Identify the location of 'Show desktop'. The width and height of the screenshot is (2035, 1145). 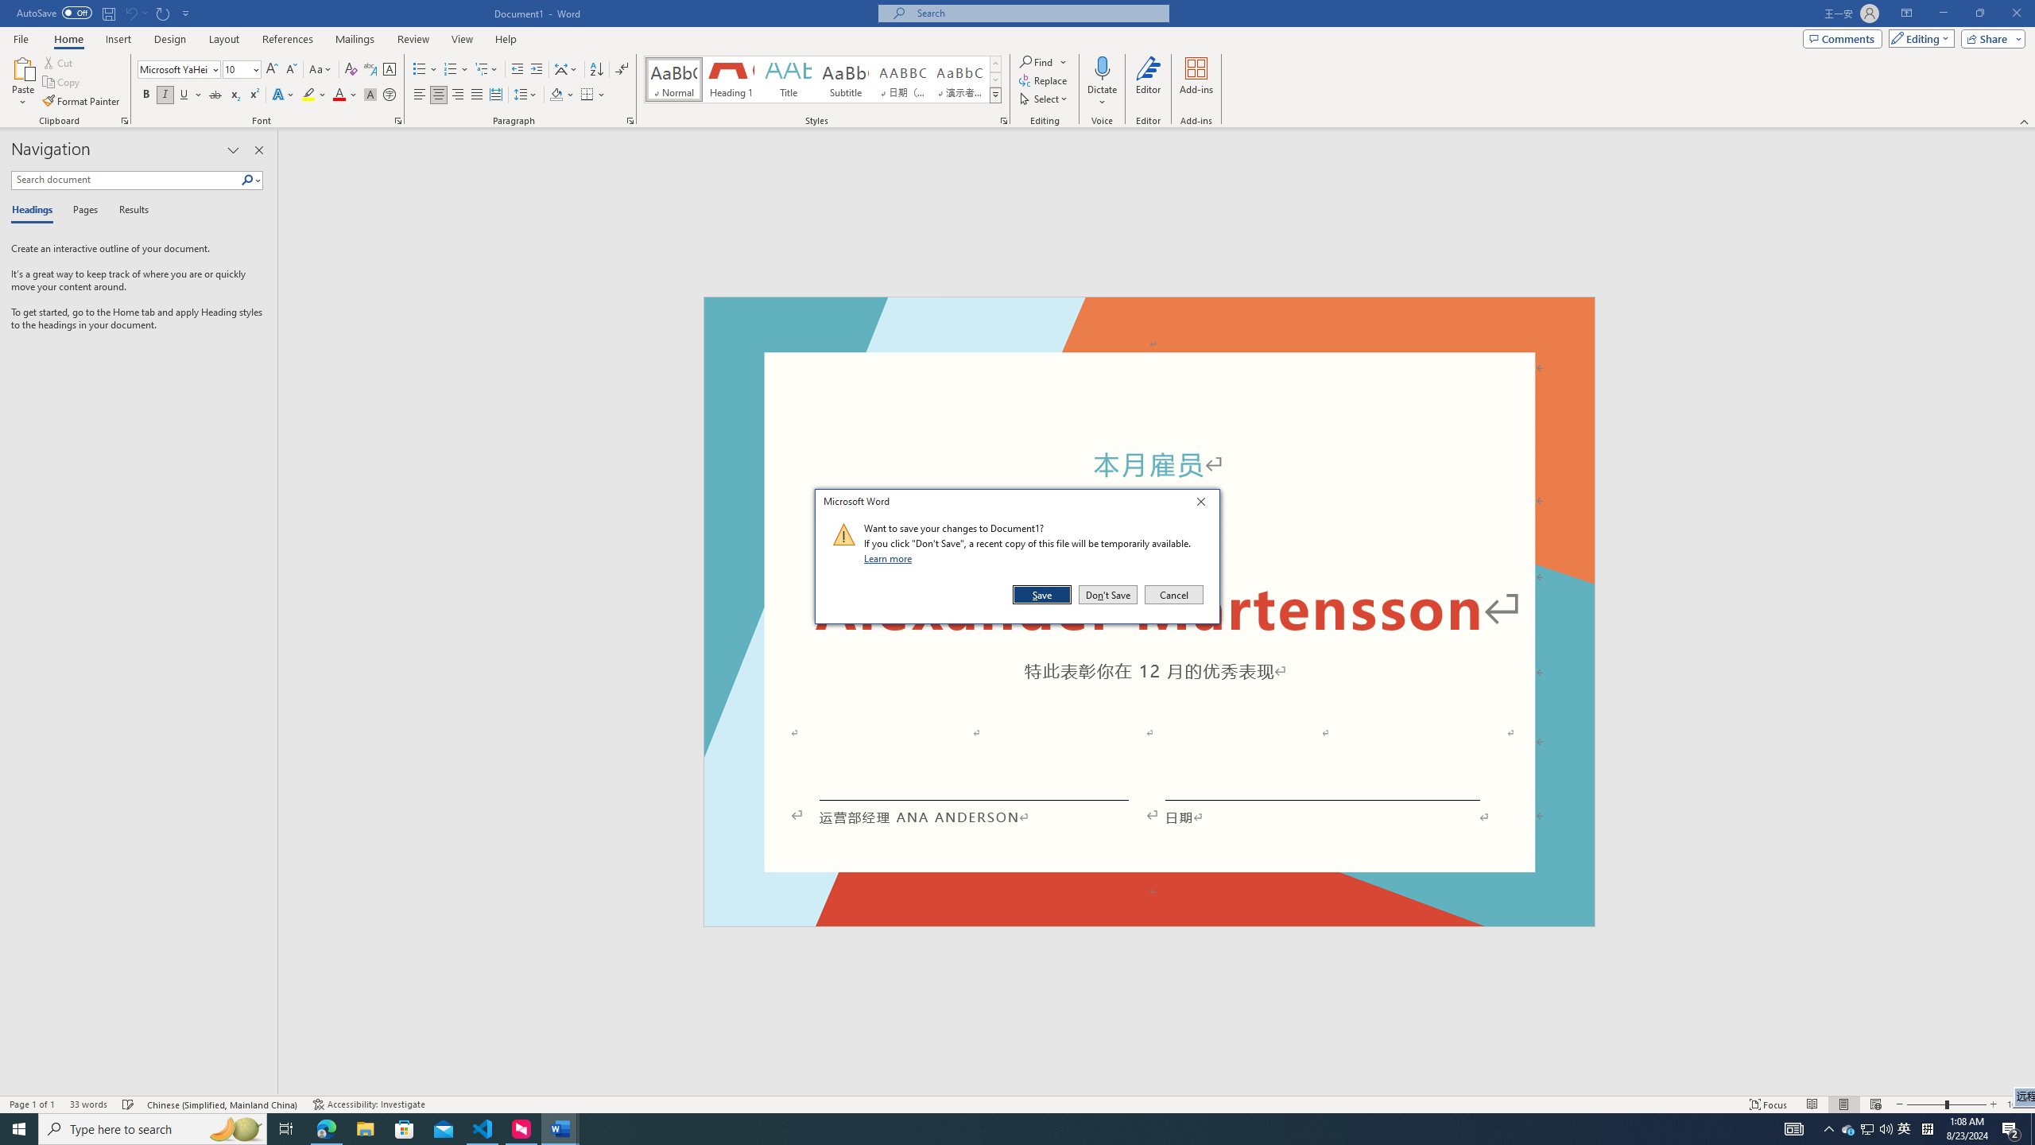
(2032, 1128).